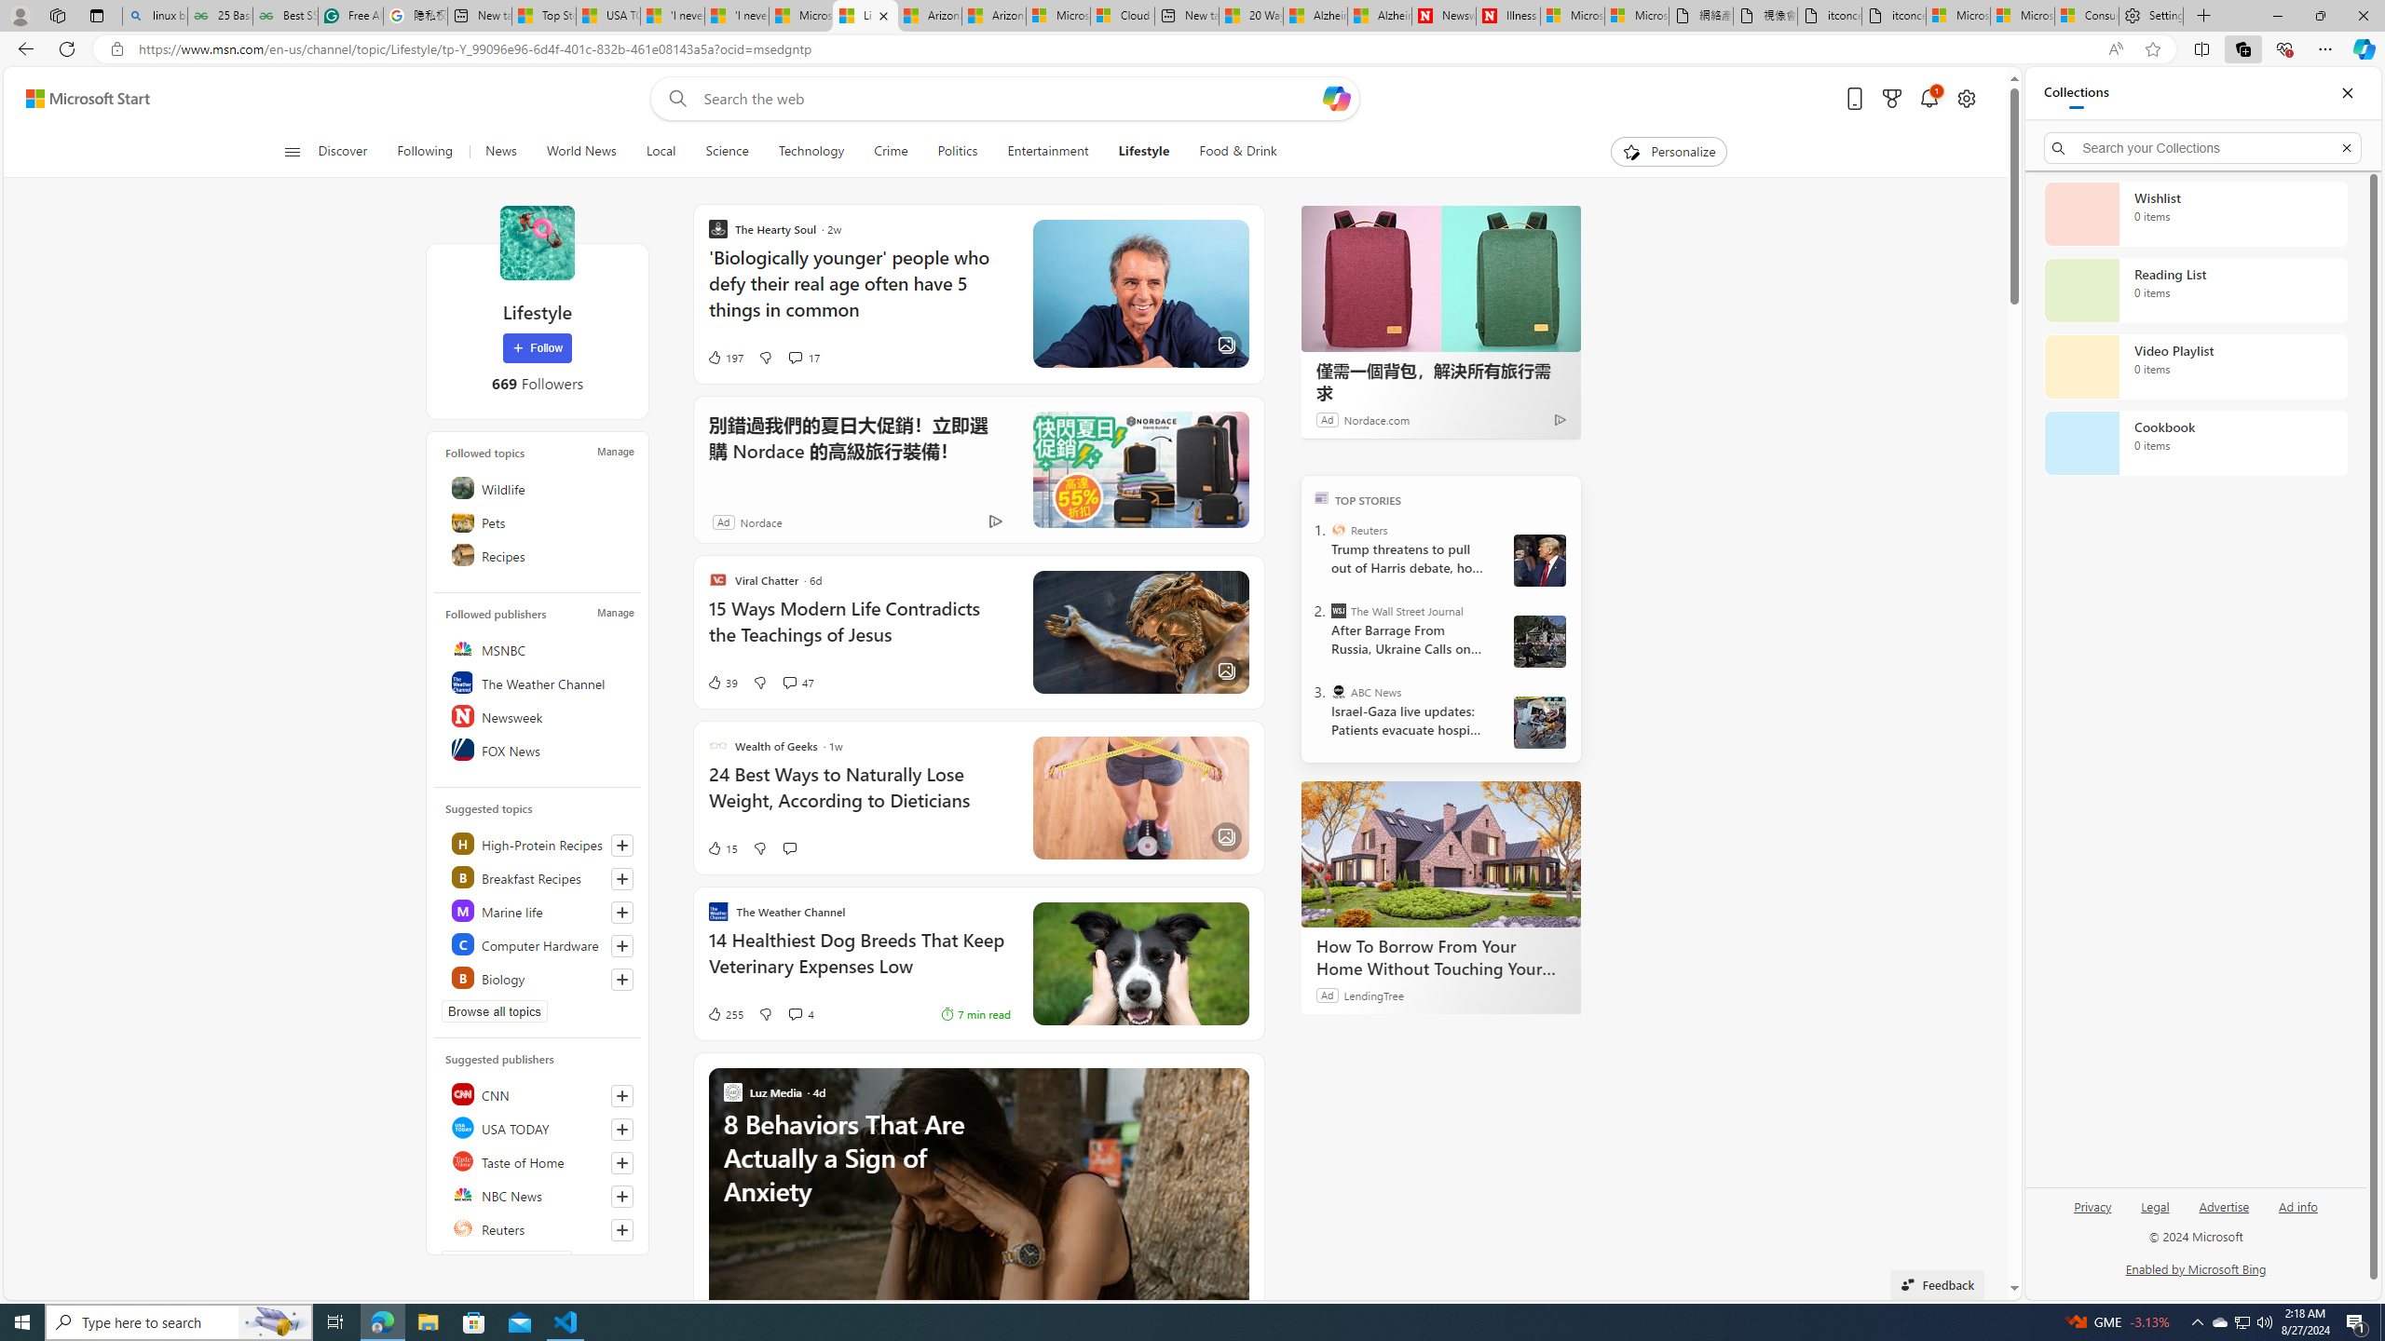  Describe the element at coordinates (2086, 15) in the screenshot. I see `'Consumer Health Data Privacy Policy'` at that location.